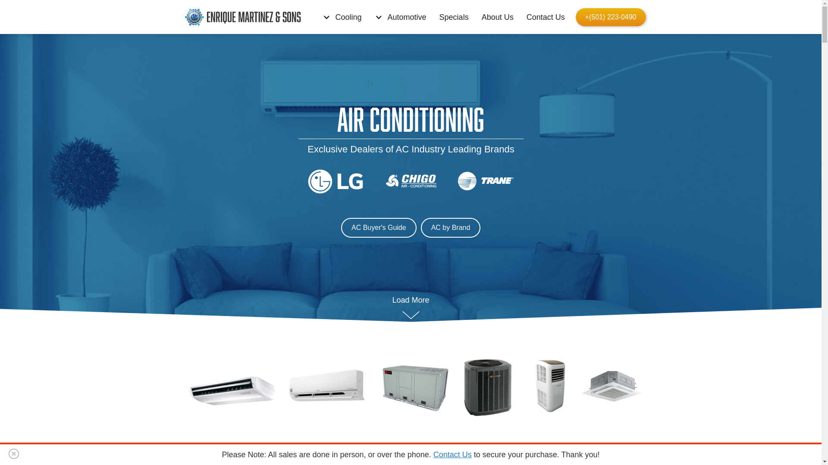  Describe the element at coordinates (379, 227) in the screenshot. I see `'AC Buyer's Guide'` at that location.